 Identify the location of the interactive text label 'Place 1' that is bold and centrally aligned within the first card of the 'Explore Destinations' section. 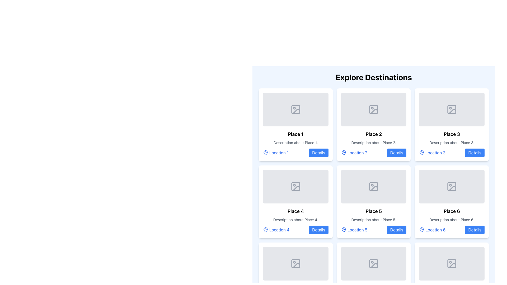
(295, 134).